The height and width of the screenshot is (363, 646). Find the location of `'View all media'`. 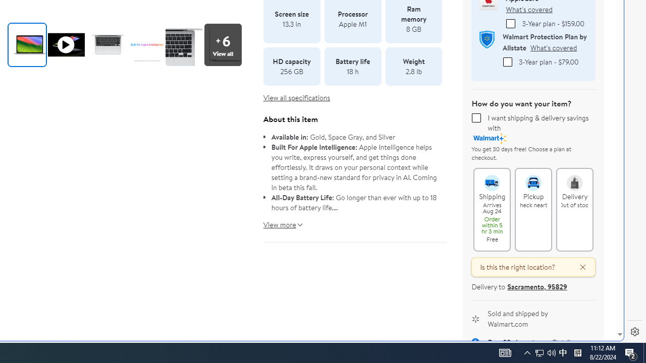

'View all media' is located at coordinates (222, 44).